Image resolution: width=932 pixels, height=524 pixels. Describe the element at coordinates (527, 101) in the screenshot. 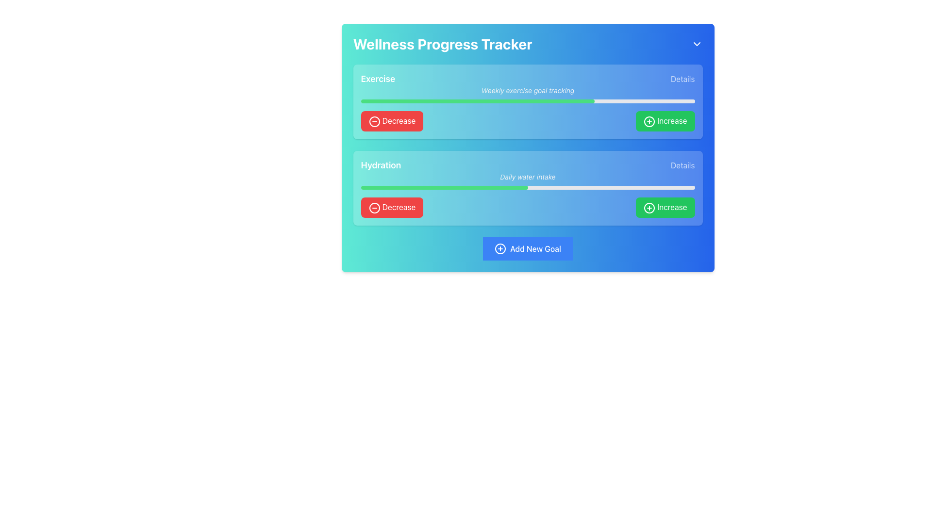

I see `the 'Details' button located within the Exercise section, which features a light transparent white background, a bold 'Exercise' heading, and a progress bar with 'Decrease' and 'Increase' buttons` at that location.